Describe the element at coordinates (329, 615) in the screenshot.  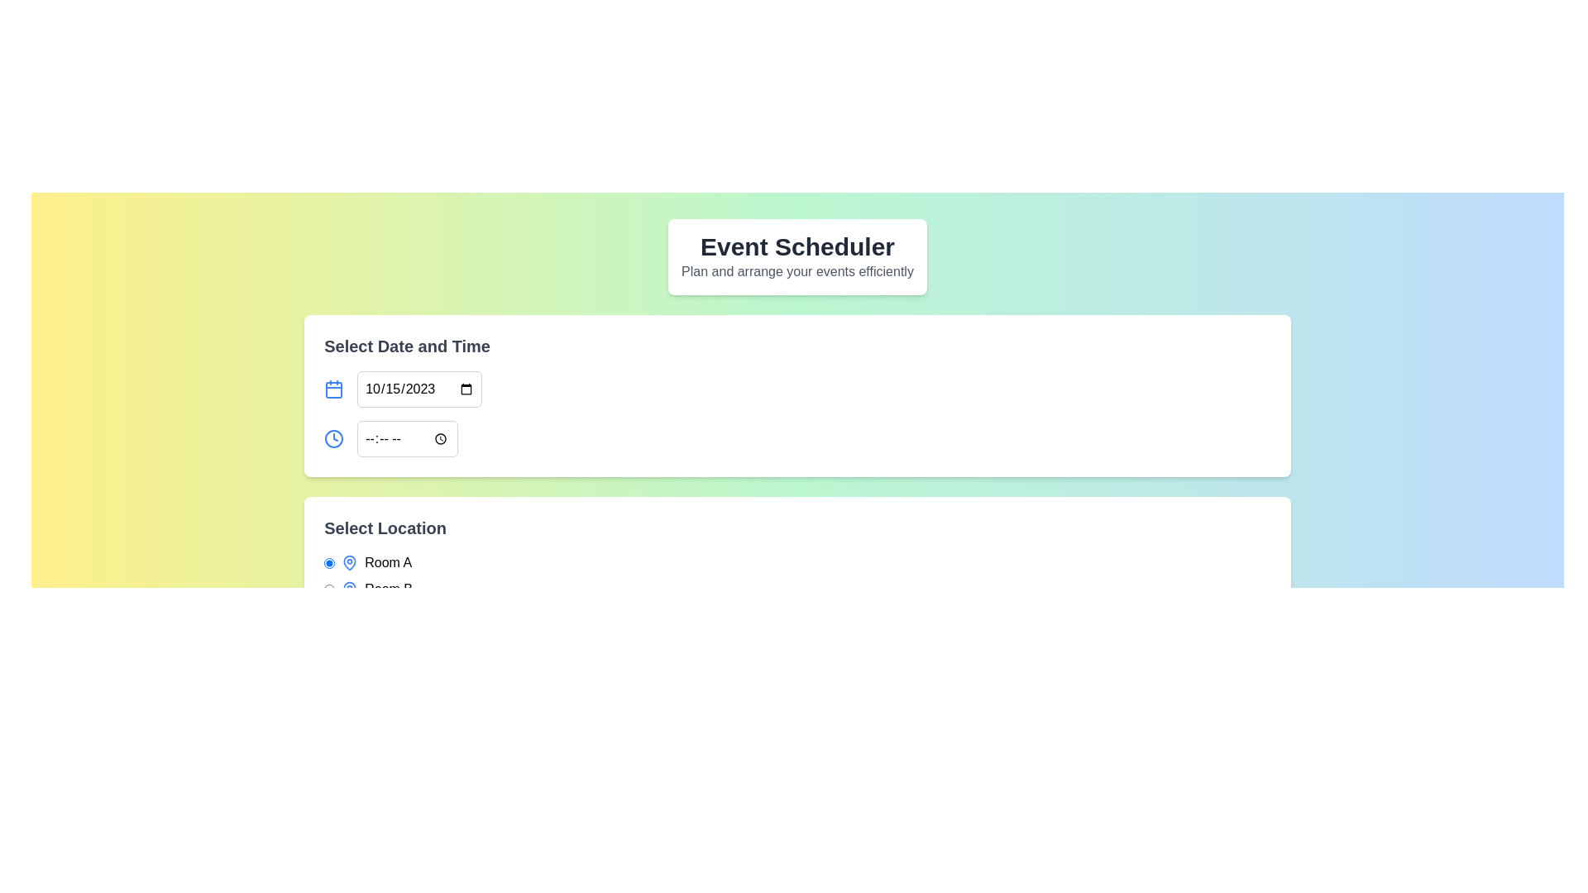
I see `the 'Room C' radio button located in the 'Select Location' section` at that location.